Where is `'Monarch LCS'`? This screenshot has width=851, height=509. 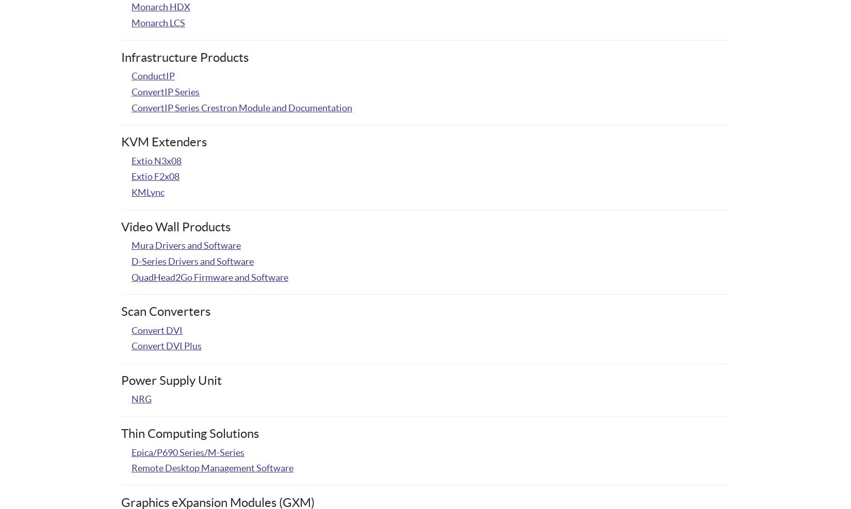 'Monarch LCS' is located at coordinates (158, 22).